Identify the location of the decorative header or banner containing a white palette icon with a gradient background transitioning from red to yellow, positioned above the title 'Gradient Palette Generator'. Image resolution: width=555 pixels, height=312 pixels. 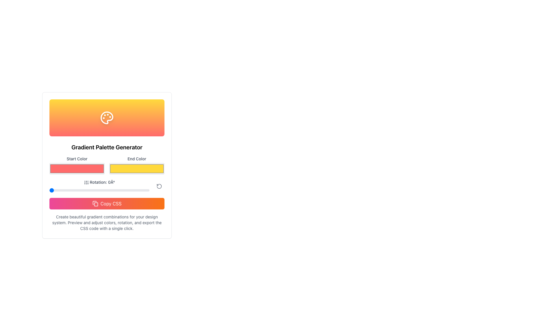
(107, 118).